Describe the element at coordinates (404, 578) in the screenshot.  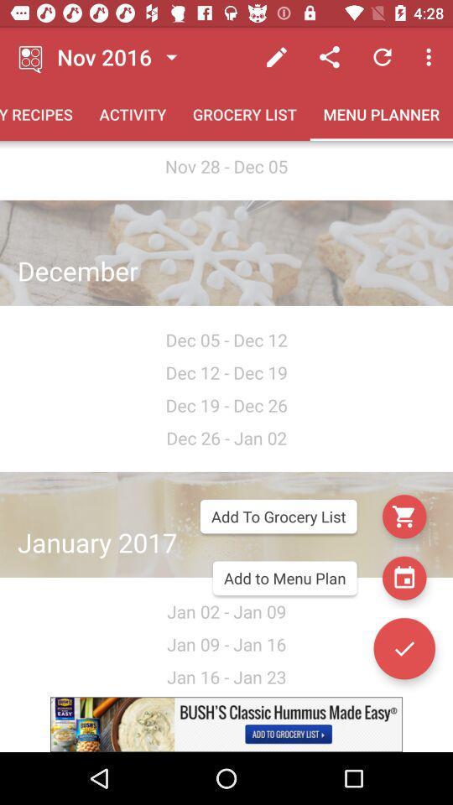
I see `check calendar` at that location.